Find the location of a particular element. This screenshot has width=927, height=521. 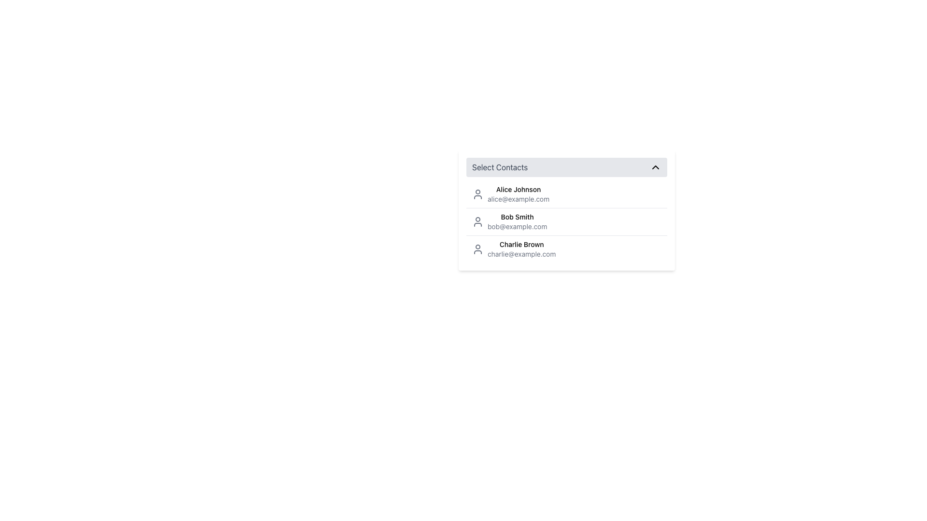

the second contact entry in the 'Select Contacts' dropdown list is located at coordinates (509, 221).